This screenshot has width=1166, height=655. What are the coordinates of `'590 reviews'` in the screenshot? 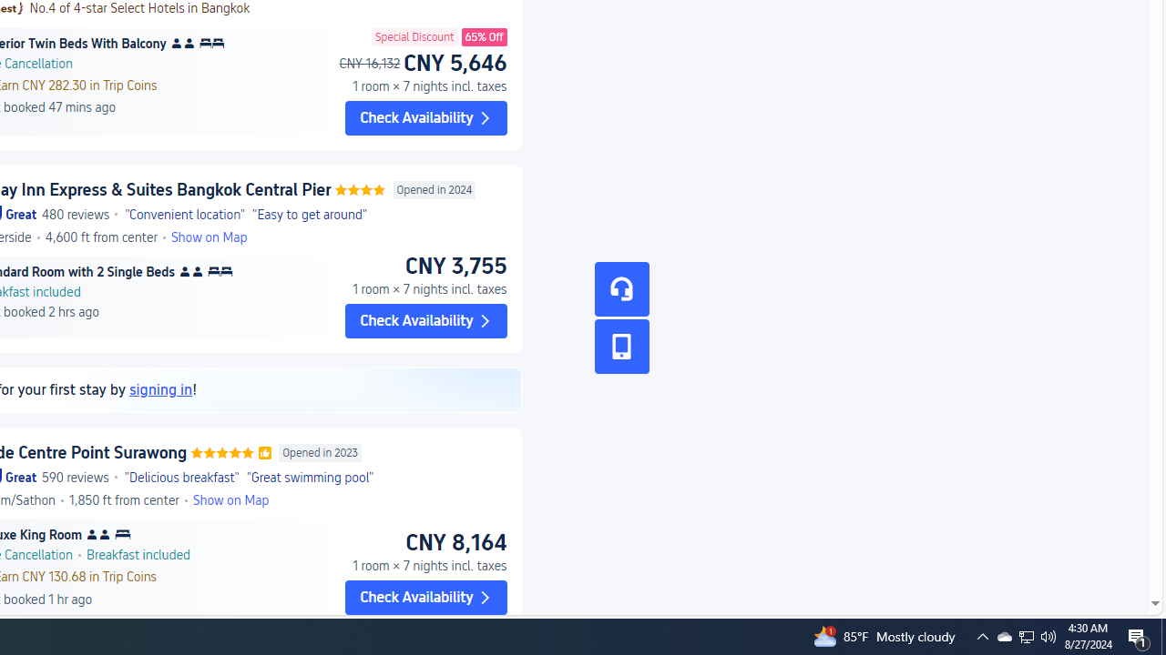 It's located at (74, 476).